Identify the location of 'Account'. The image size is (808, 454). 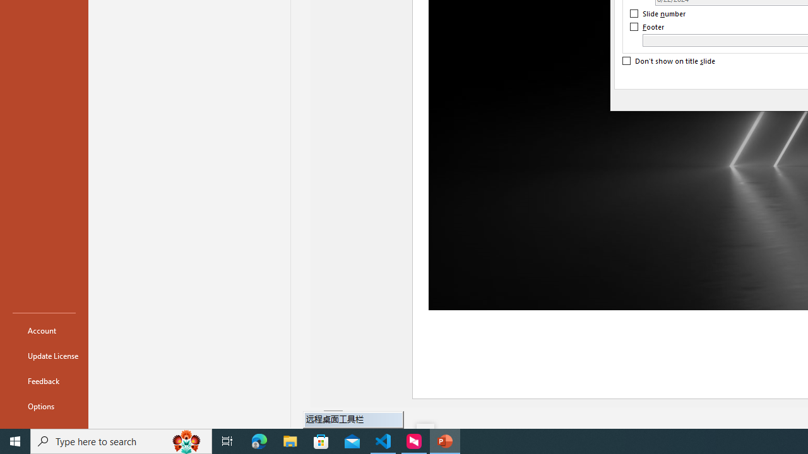
(44, 330).